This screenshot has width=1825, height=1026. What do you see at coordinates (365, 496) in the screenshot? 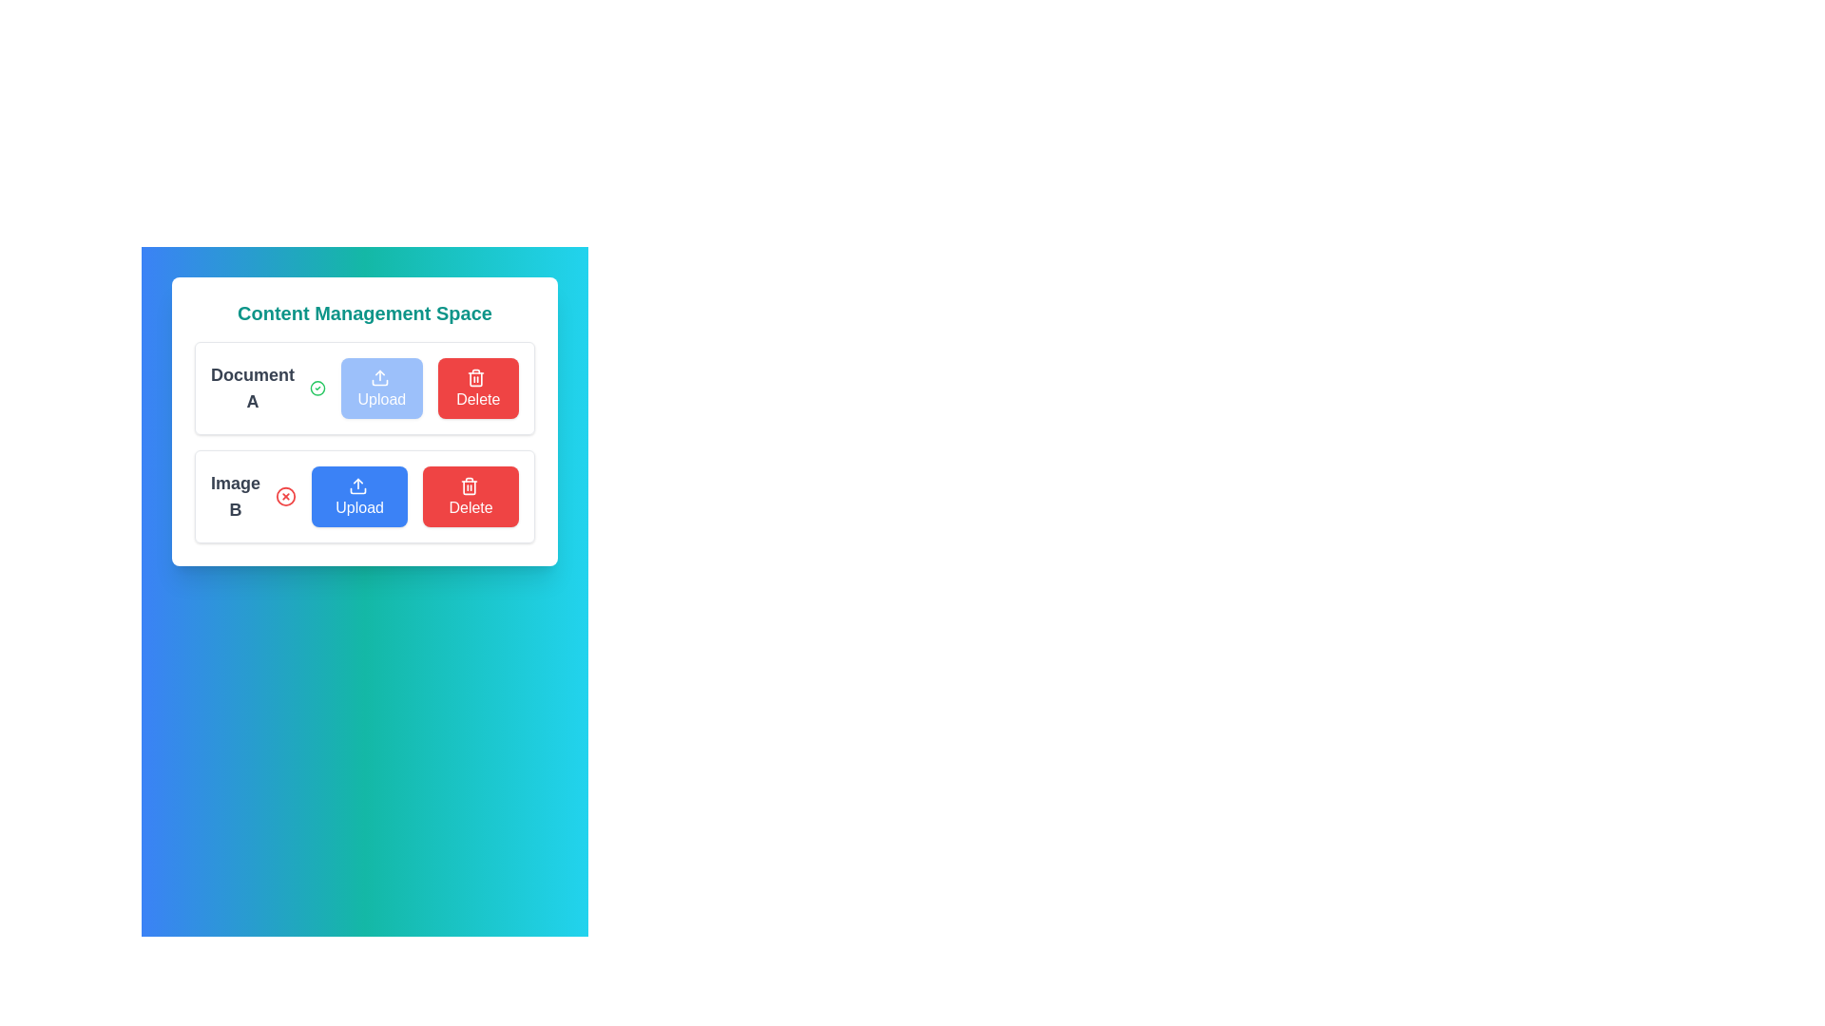
I see `the file upload button in the 'Image B' section` at bounding box center [365, 496].